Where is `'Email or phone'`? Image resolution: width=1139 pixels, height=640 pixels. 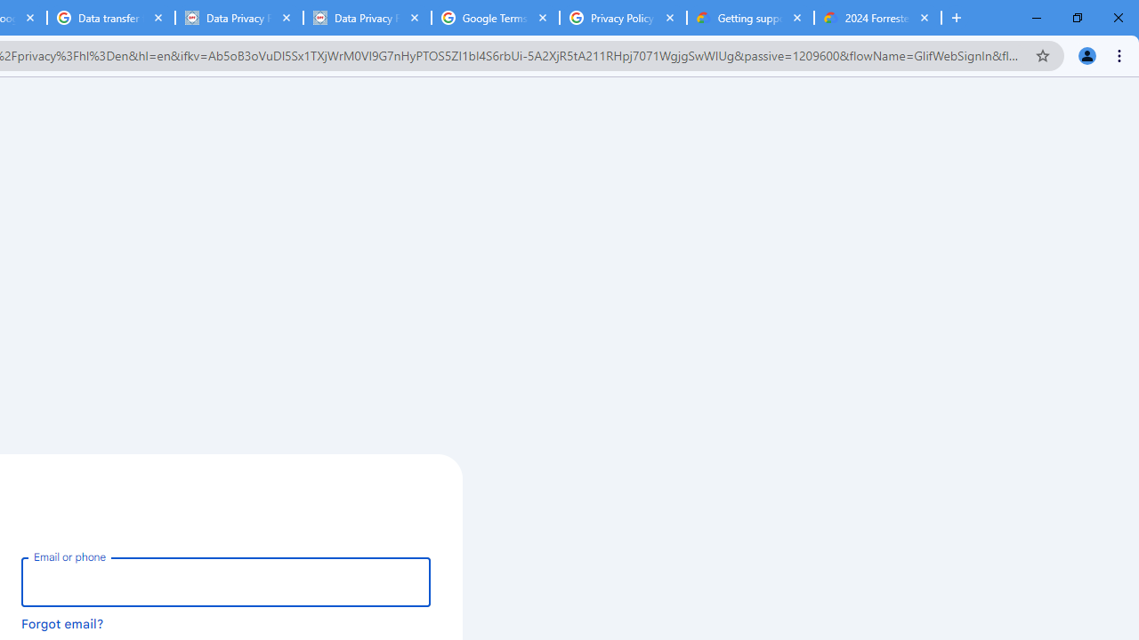 'Email or phone' is located at coordinates (225, 581).